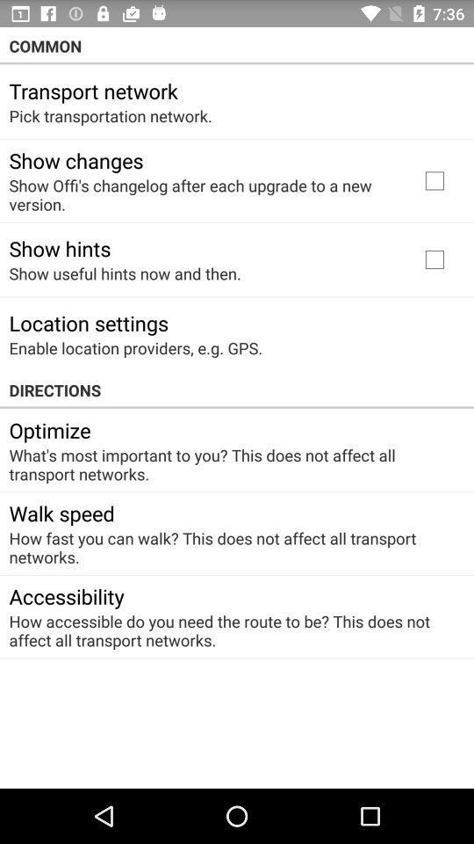 This screenshot has width=474, height=844. I want to click on the show changes item, so click(75, 160).